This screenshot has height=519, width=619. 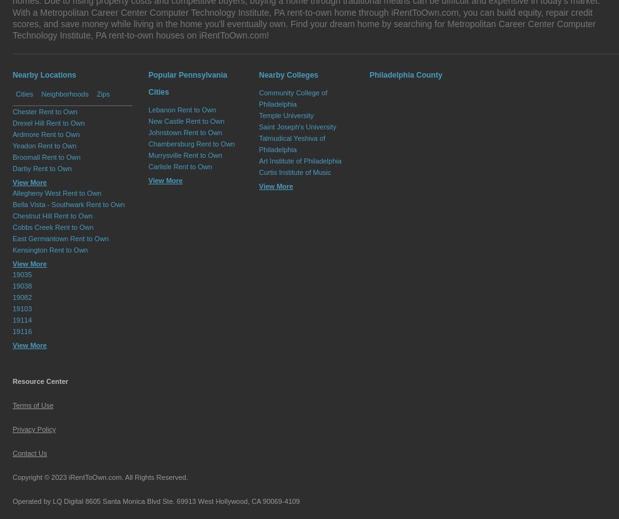 I want to click on 'Murrysville
Rent to Own', so click(x=185, y=155).